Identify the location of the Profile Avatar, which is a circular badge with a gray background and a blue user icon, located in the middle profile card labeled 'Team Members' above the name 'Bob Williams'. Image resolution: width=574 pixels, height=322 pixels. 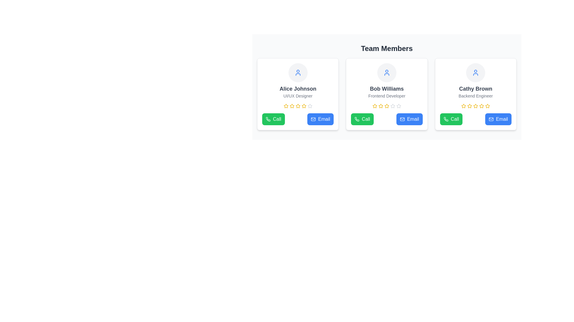
(387, 72).